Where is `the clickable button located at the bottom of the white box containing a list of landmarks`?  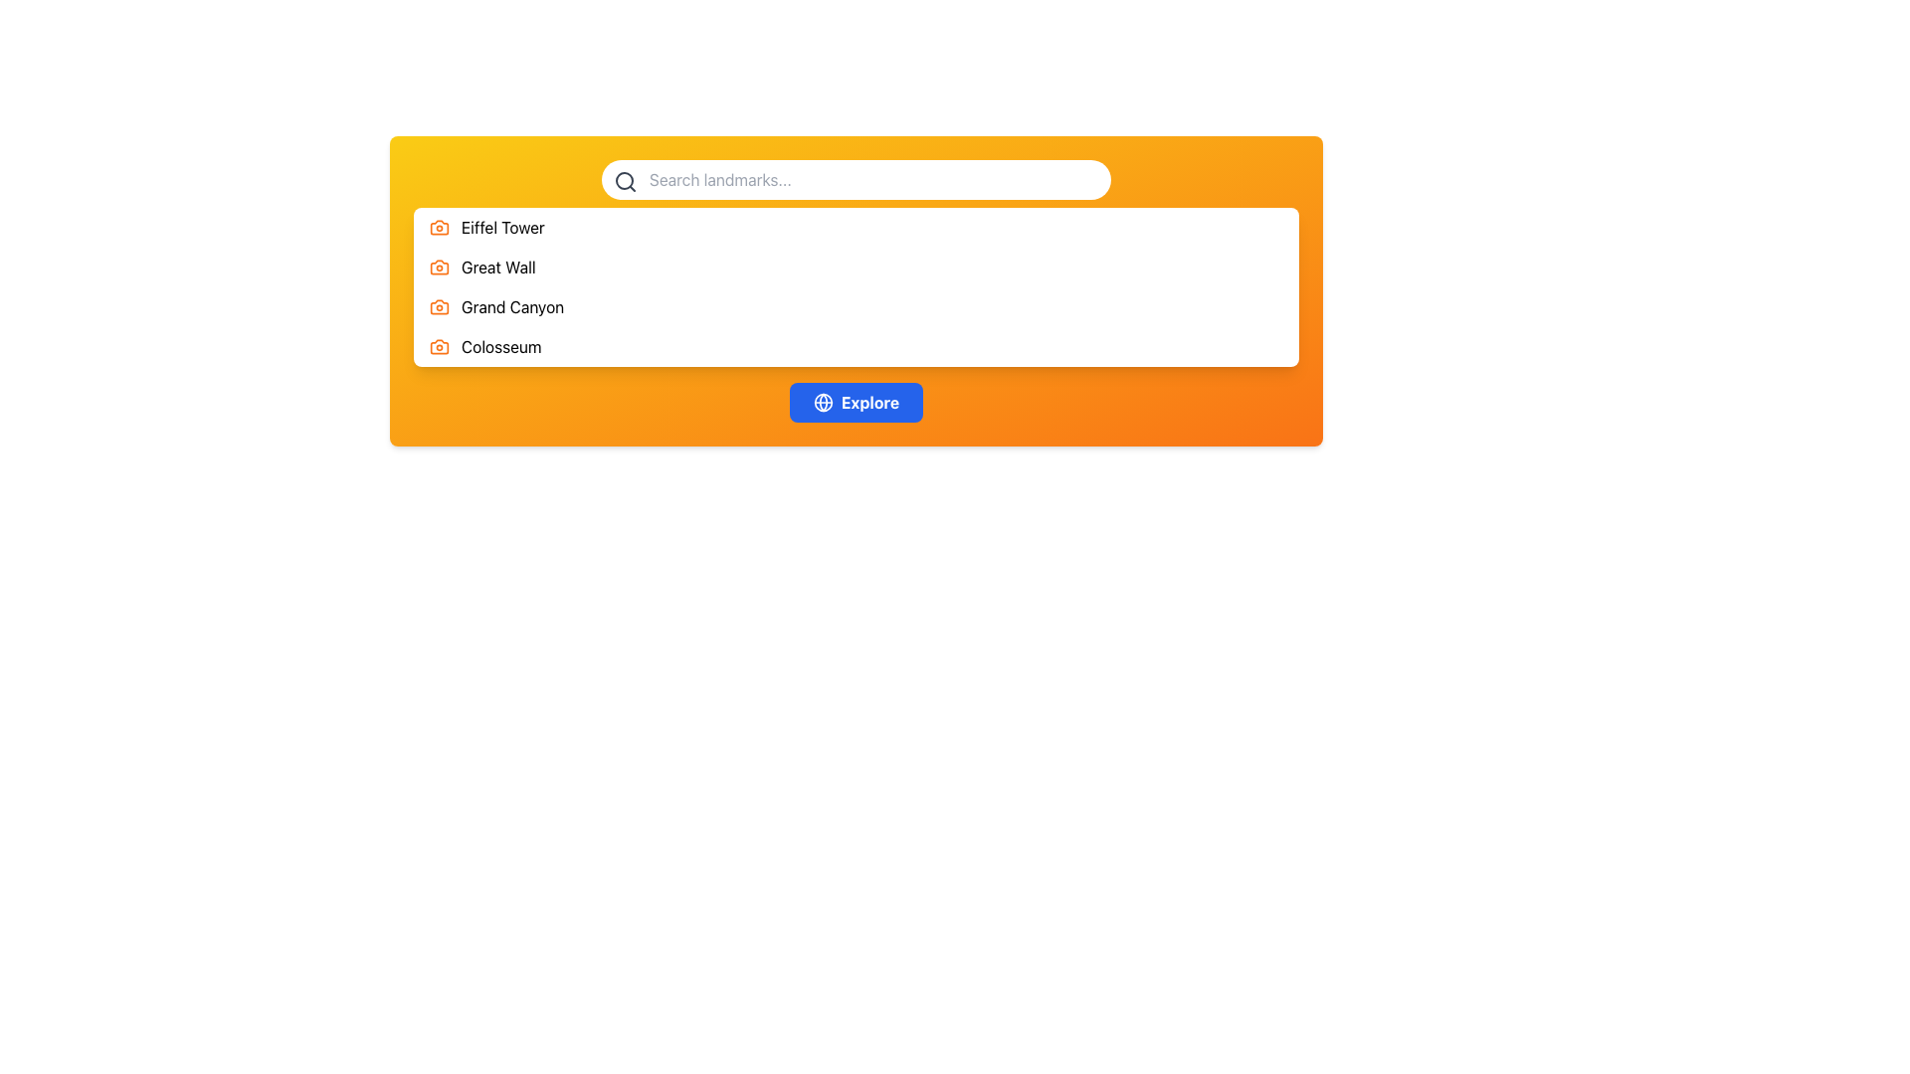
the clickable button located at the bottom of the white box containing a list of landmarks is located at coordinates (856, 403).